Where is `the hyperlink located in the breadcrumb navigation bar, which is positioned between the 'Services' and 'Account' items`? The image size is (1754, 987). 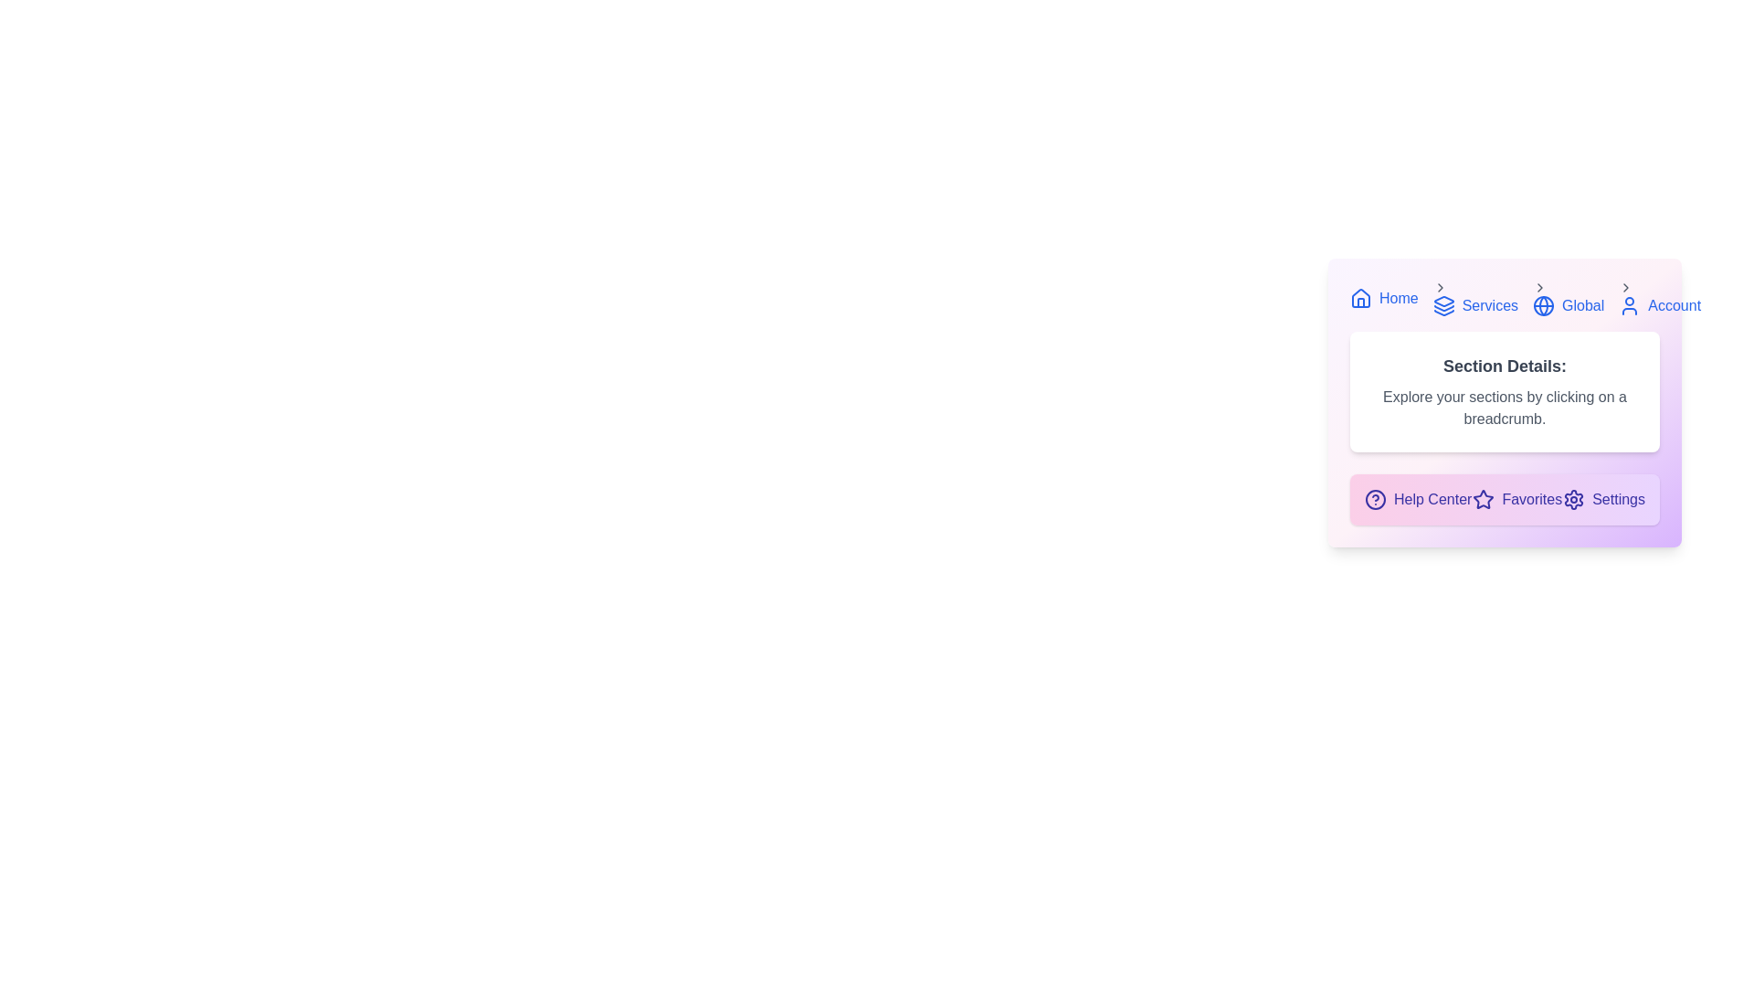
the hyperlink located in the breadcrumb navigation bar, which is positioned between the 'Services' and 'Account' items is located at coordinates (1568, 305).